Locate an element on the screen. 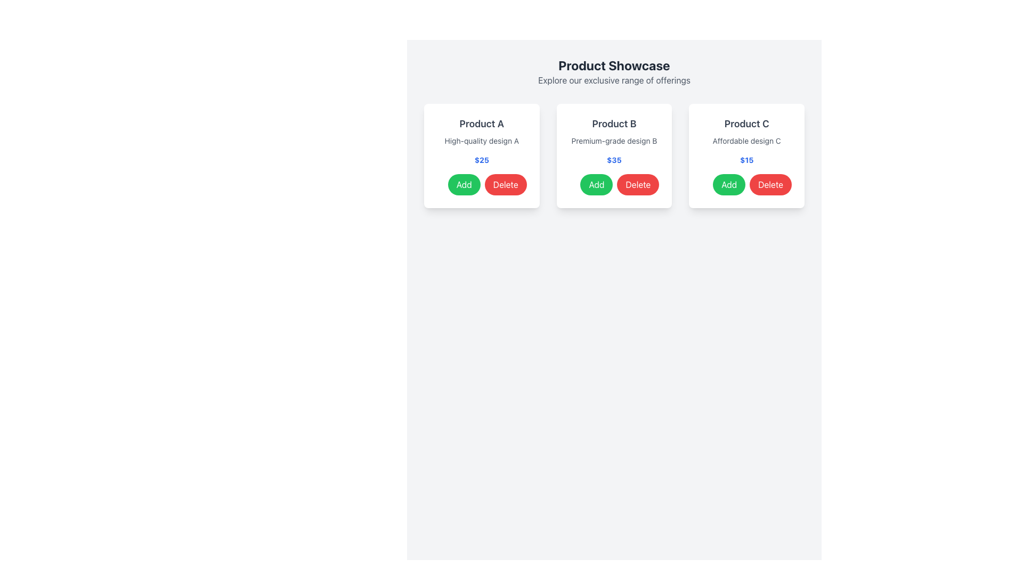 The image size is (1023, 575). the green 'Add' button with rounded ends is located at coordinates (464, 184).